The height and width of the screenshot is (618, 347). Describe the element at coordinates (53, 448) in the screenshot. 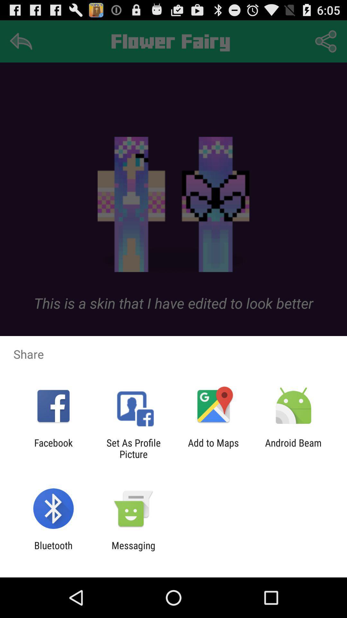

I see `facebook icon` at that location.